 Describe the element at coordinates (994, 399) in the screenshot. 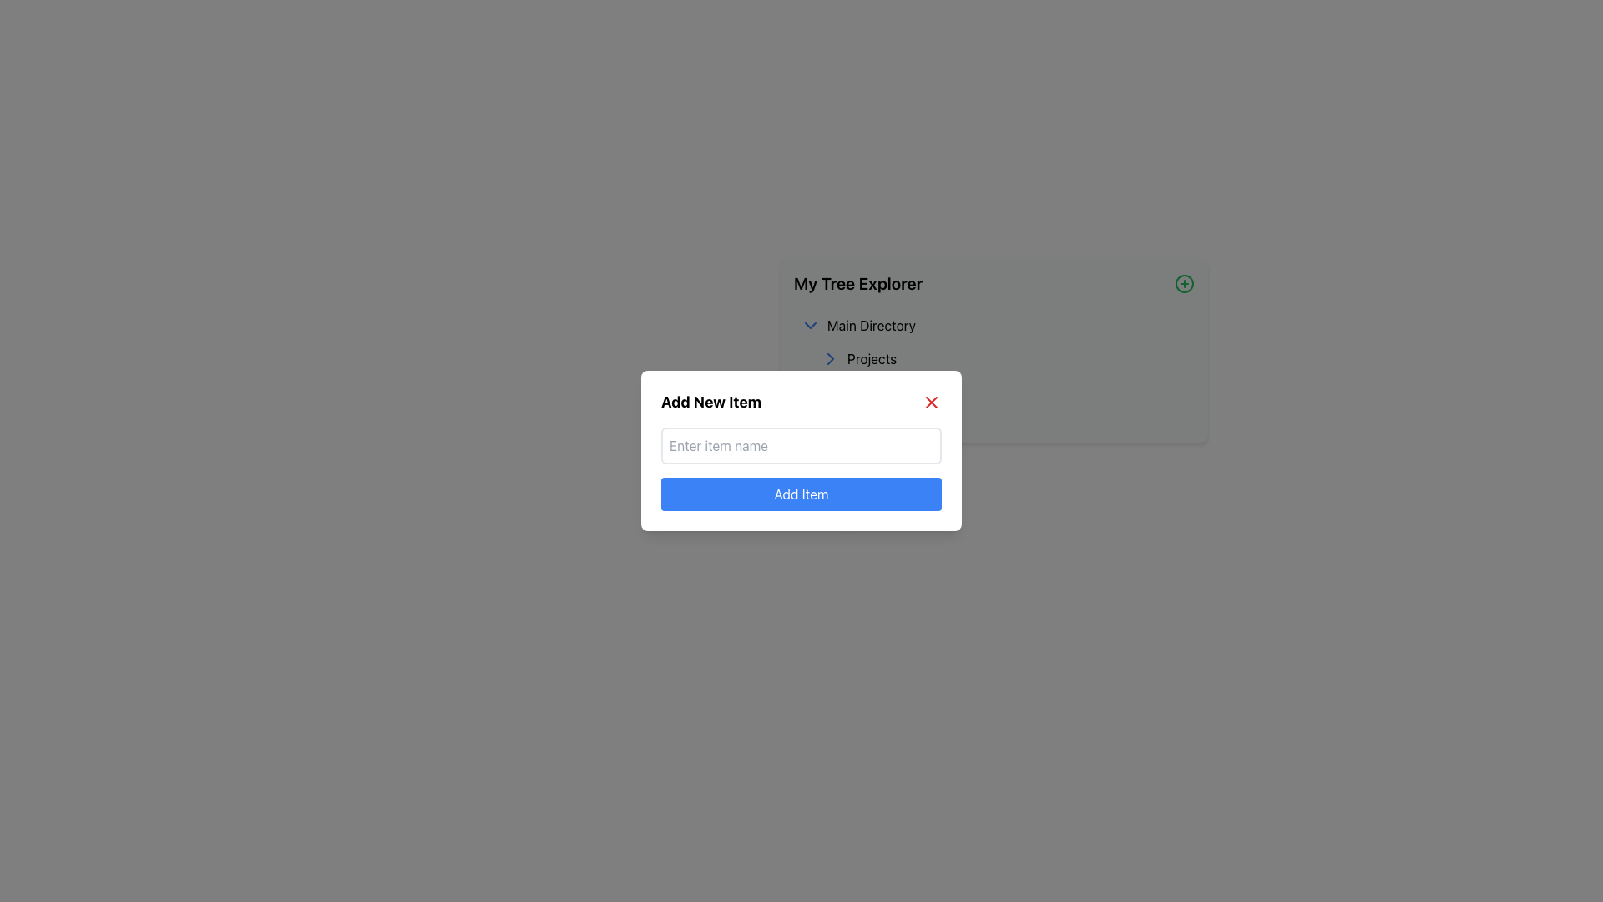

I see `the 'Resources' text label in the tree navigation interface` at that location.